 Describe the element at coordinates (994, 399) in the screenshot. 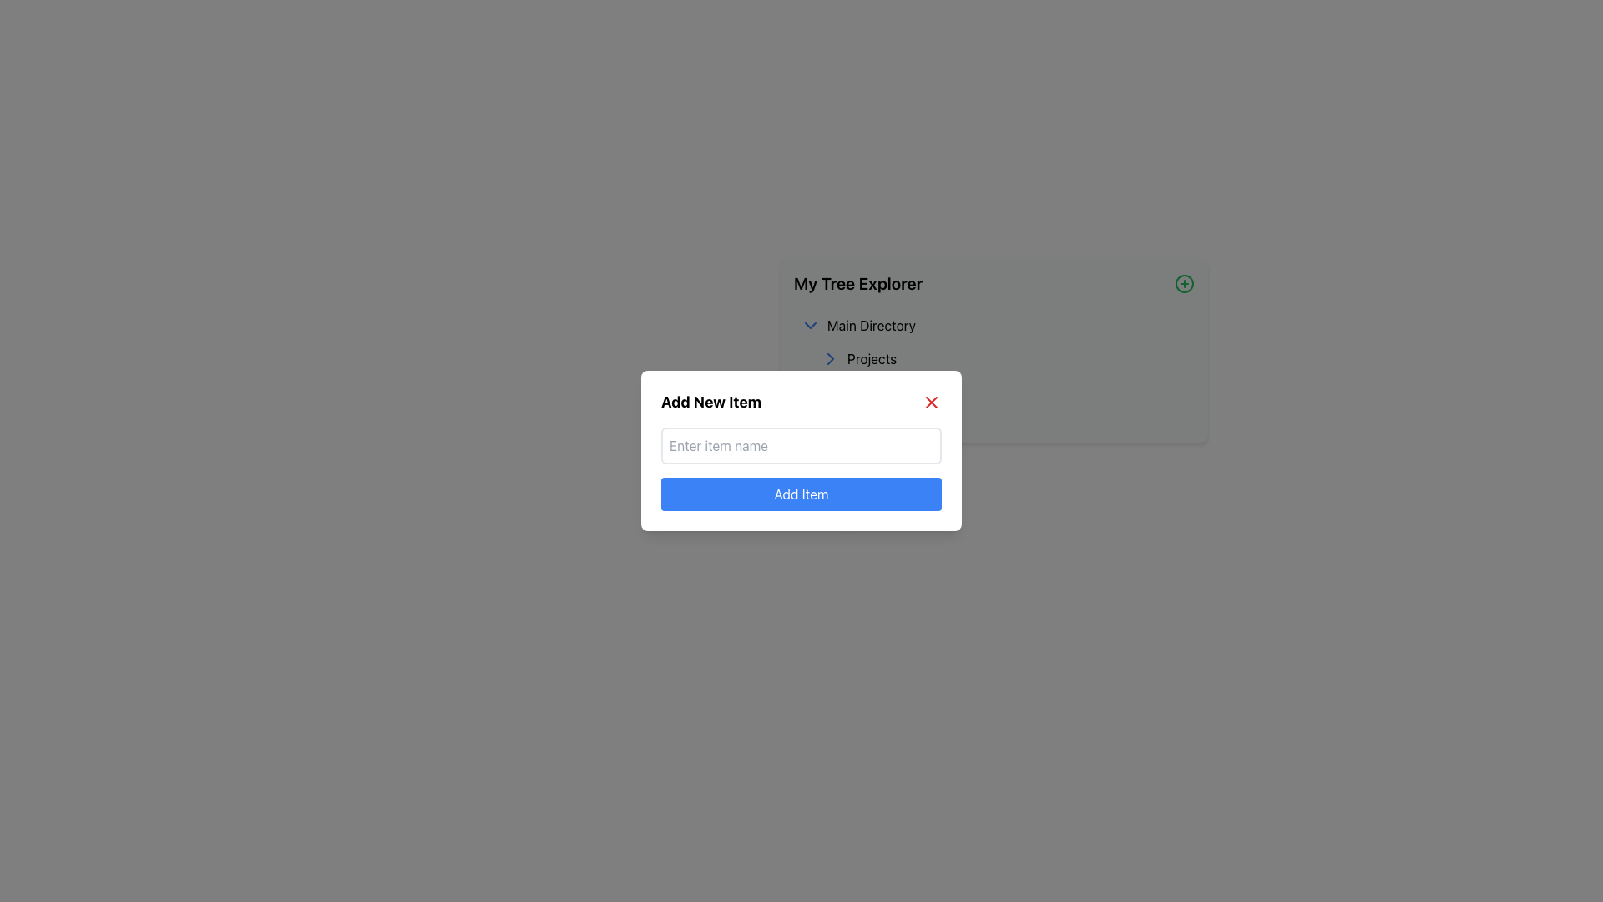

I see `the 'Resources' text label in the tree navigation interface` at that location.